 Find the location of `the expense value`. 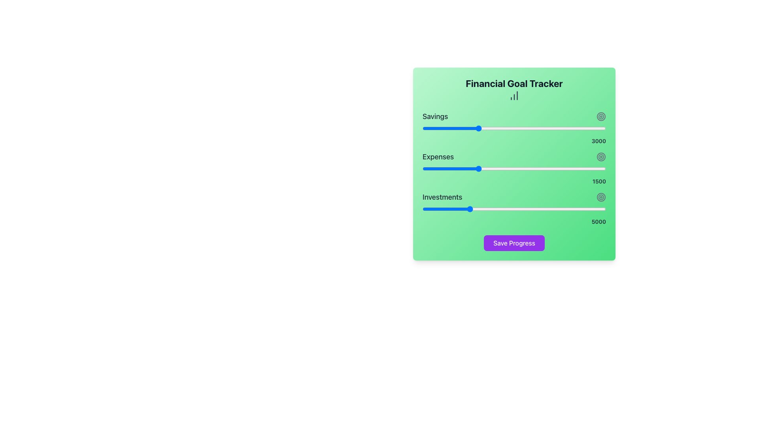

the expense value is located at coordinates (532, 168).